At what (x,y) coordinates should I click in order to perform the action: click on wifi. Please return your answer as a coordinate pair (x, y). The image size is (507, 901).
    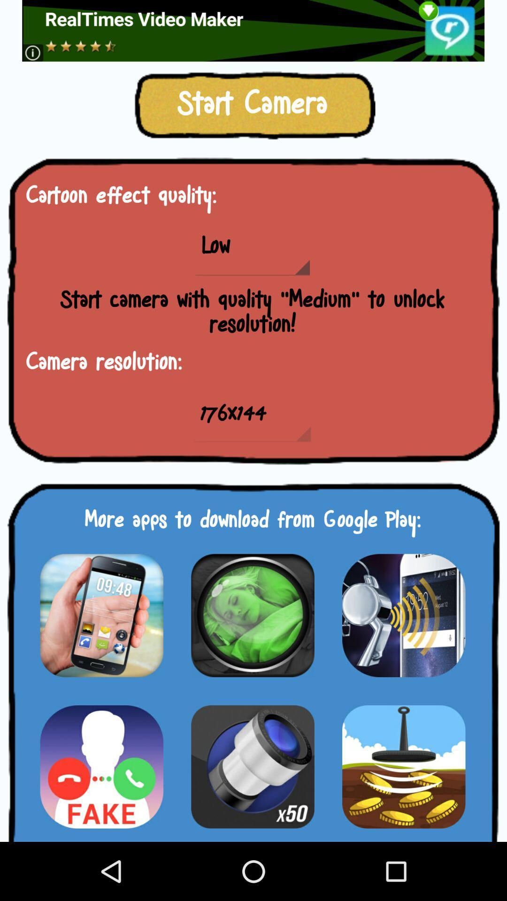
    Looking at the image, I should click on (403, 615).